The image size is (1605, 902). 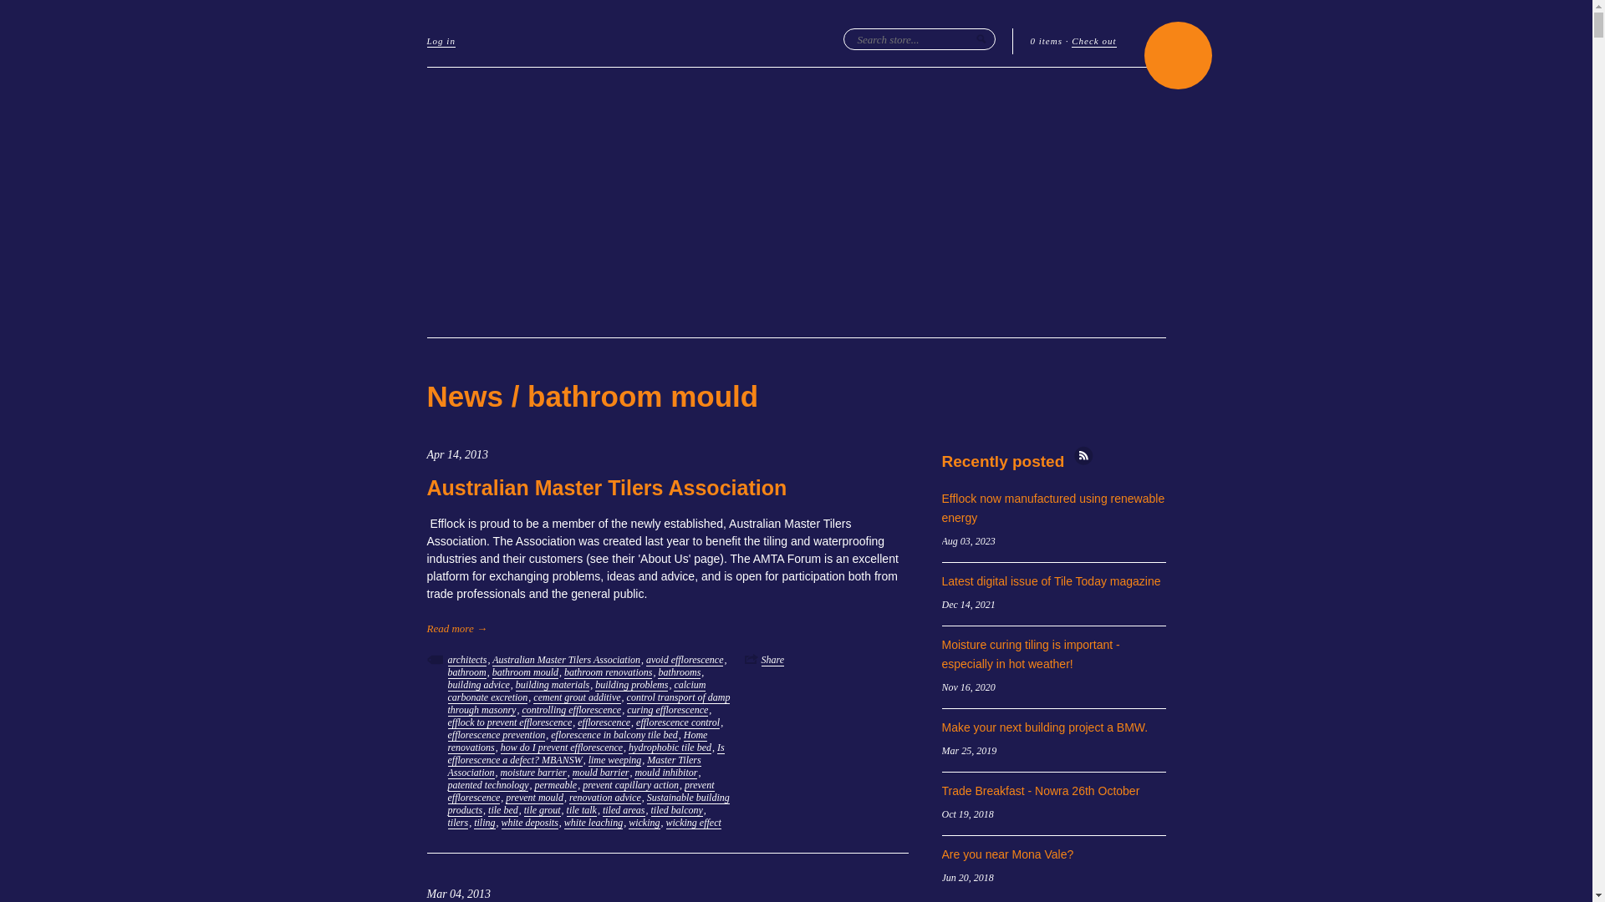 What do you see at coordinates (564, 822) in the screenshot?
I see `'white leaching'` at bounding box center [564, 822].